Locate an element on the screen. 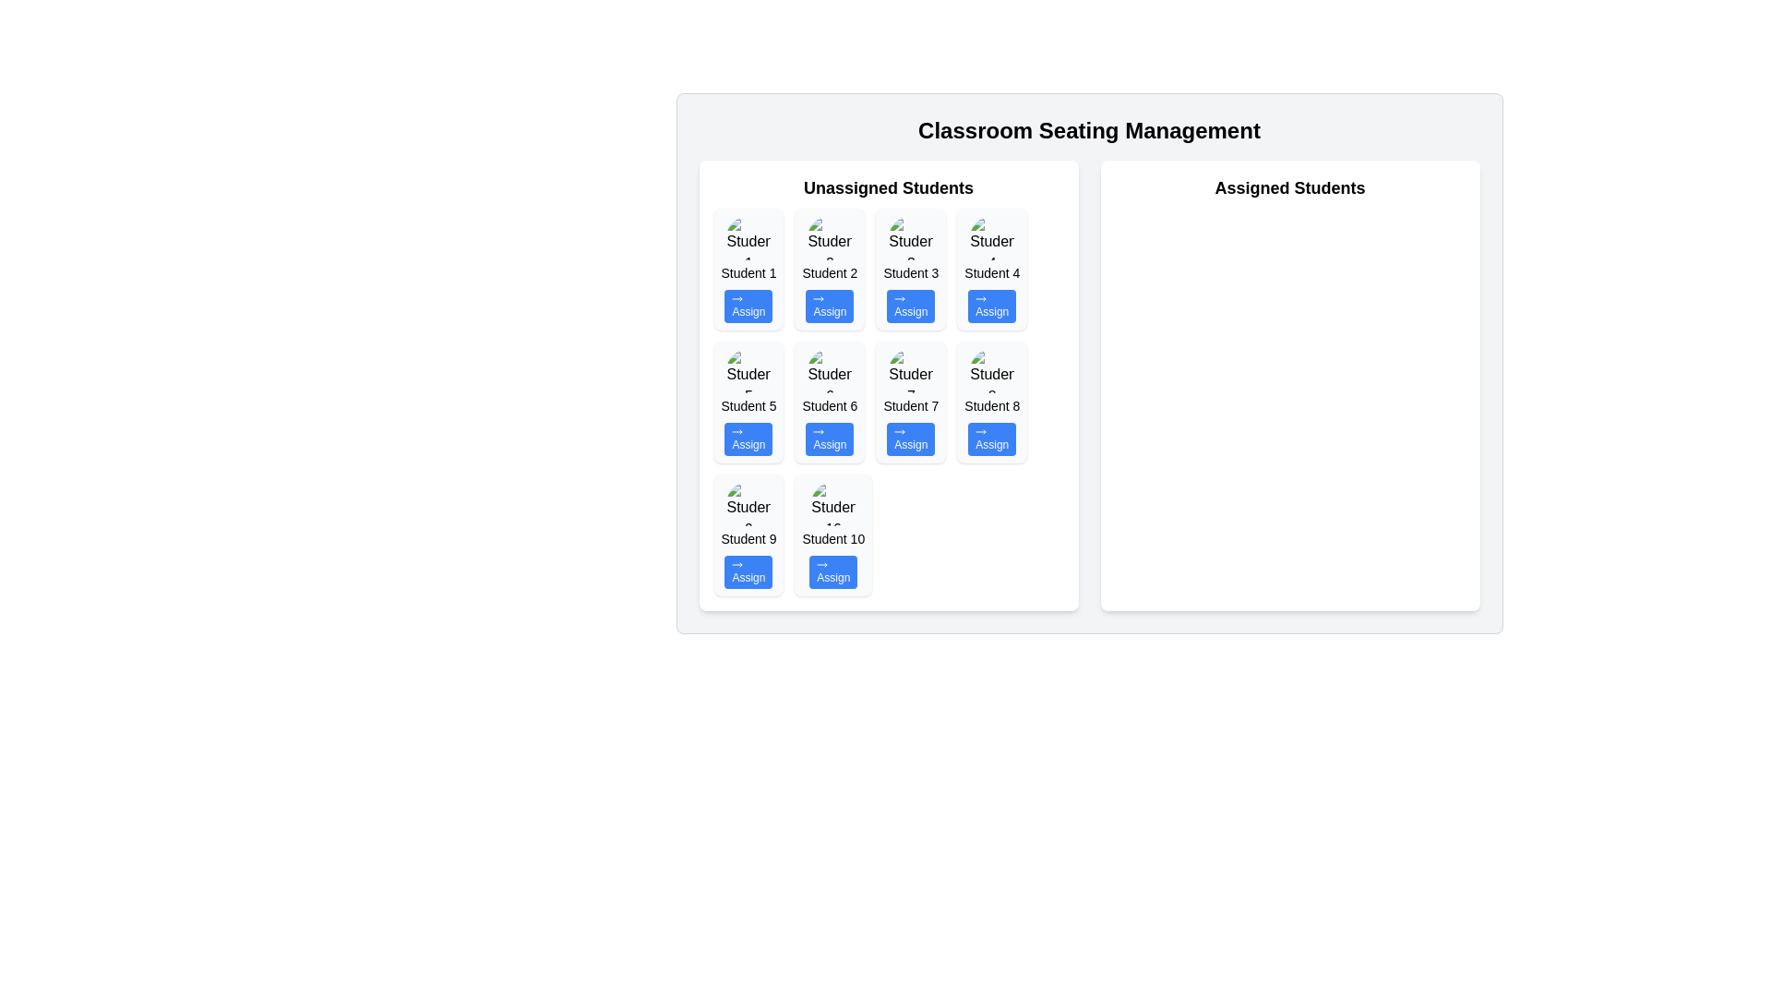 This screenshot has height=997, width=1772. the directional icon associated with the 'Assign' button for 'Student 7' in the unassigned students section is located at coordinates (900, 431).